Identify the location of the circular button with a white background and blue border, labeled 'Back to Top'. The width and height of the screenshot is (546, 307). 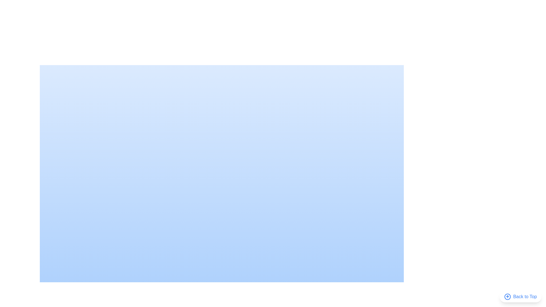
(520, 296).